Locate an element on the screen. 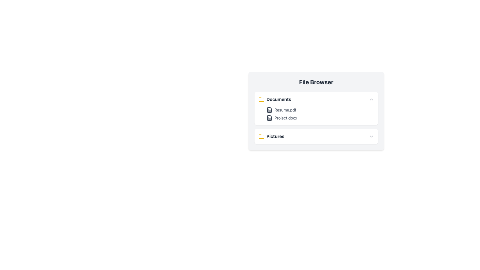 This screenshot has width=480, height=270. on the 'Pictures' folder item located in the 'File Browser' section, which is the second item in the list beneath 'Documents' is located at coordinates (271, 136).